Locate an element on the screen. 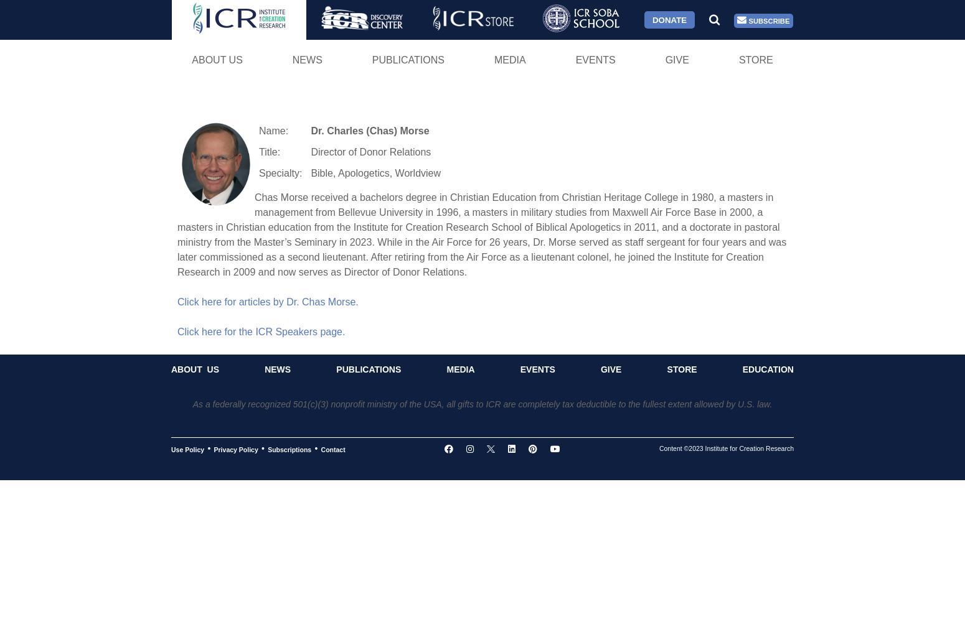  'Subscriptions' is located at coordinates (289, 448).